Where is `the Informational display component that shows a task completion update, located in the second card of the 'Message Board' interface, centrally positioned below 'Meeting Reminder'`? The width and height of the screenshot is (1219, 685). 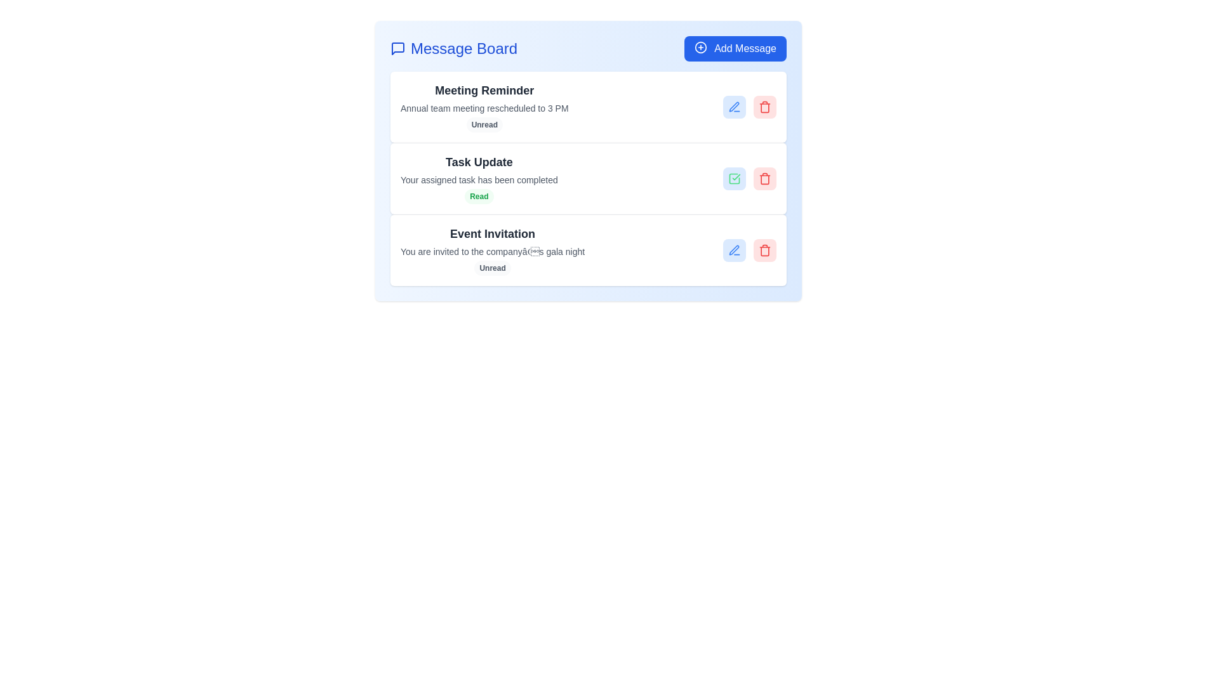 the Informational display component that shows a task completion update, located in the second card of the 'Message Board' interface, centrally positioned below 'Meeting Reminder' is located at coordinates (478, 178).